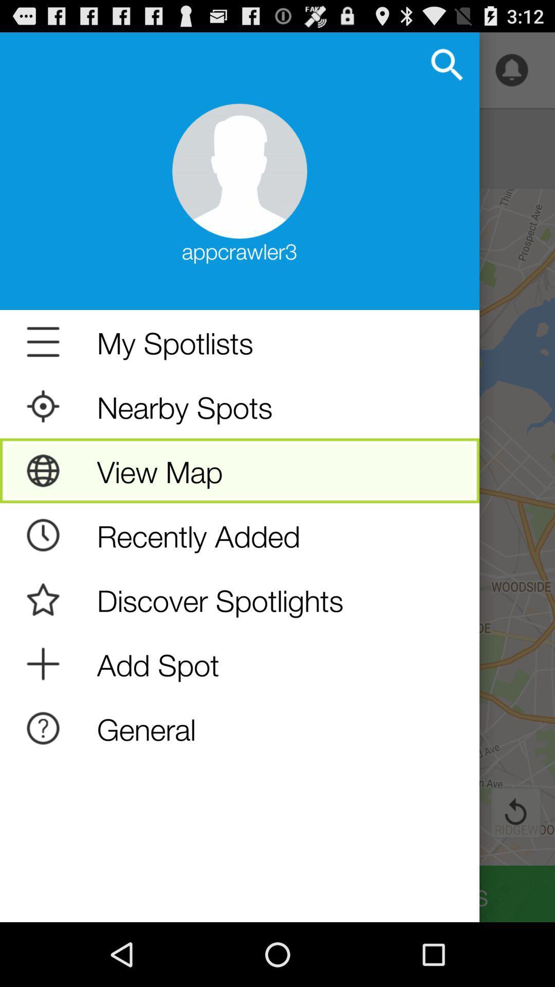  Describe the element at coordinates (515, 869) in the screenshot. I see `the refresh icon` at that location.